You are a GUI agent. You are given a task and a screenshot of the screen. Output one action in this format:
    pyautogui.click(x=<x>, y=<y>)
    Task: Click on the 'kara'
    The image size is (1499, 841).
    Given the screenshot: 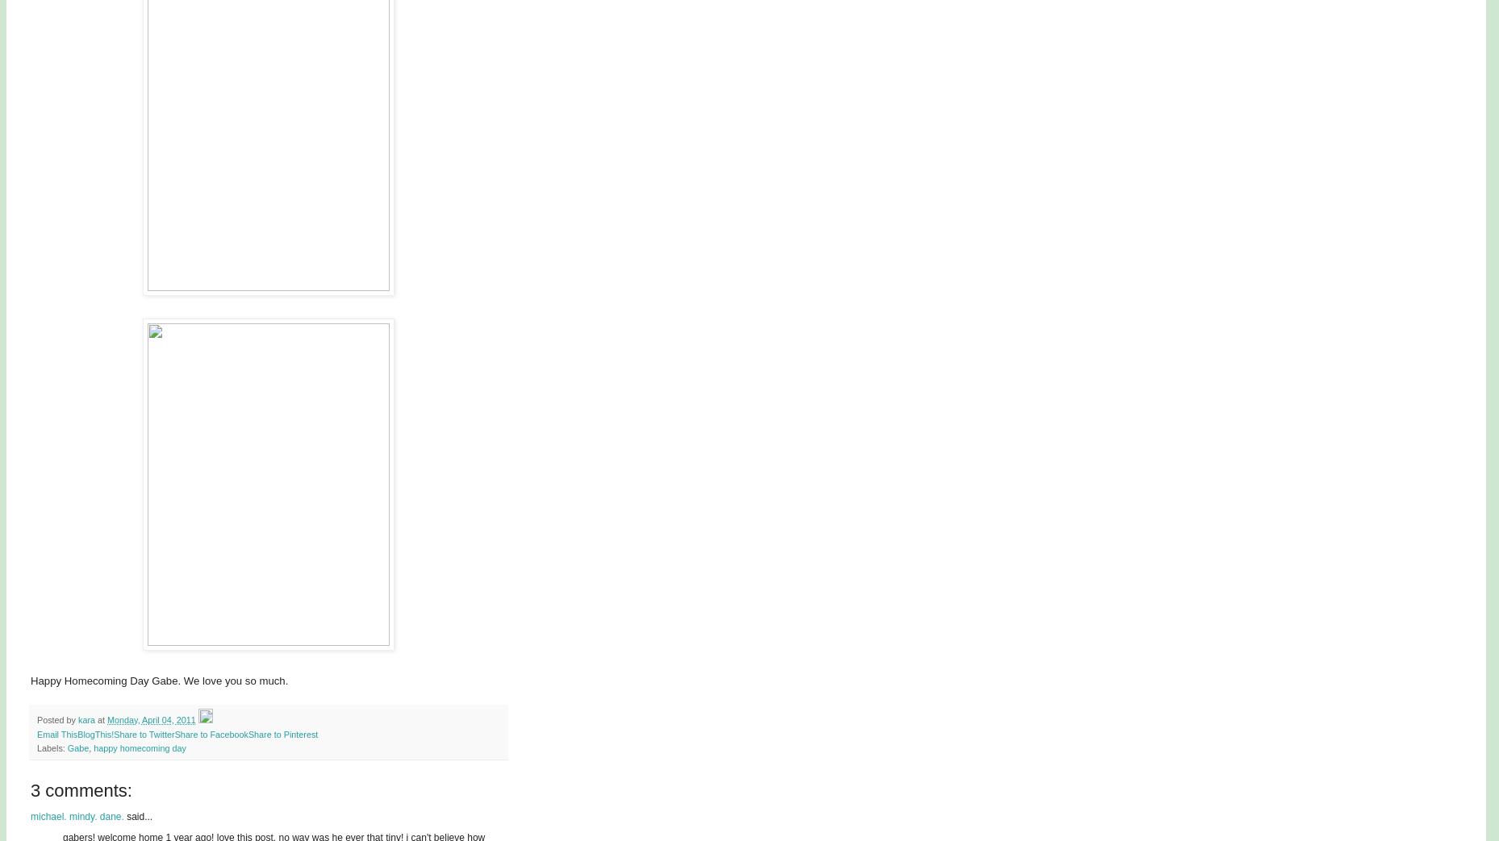 What is the action you would take?
    pyautogui.click(x=86, y=720)
    